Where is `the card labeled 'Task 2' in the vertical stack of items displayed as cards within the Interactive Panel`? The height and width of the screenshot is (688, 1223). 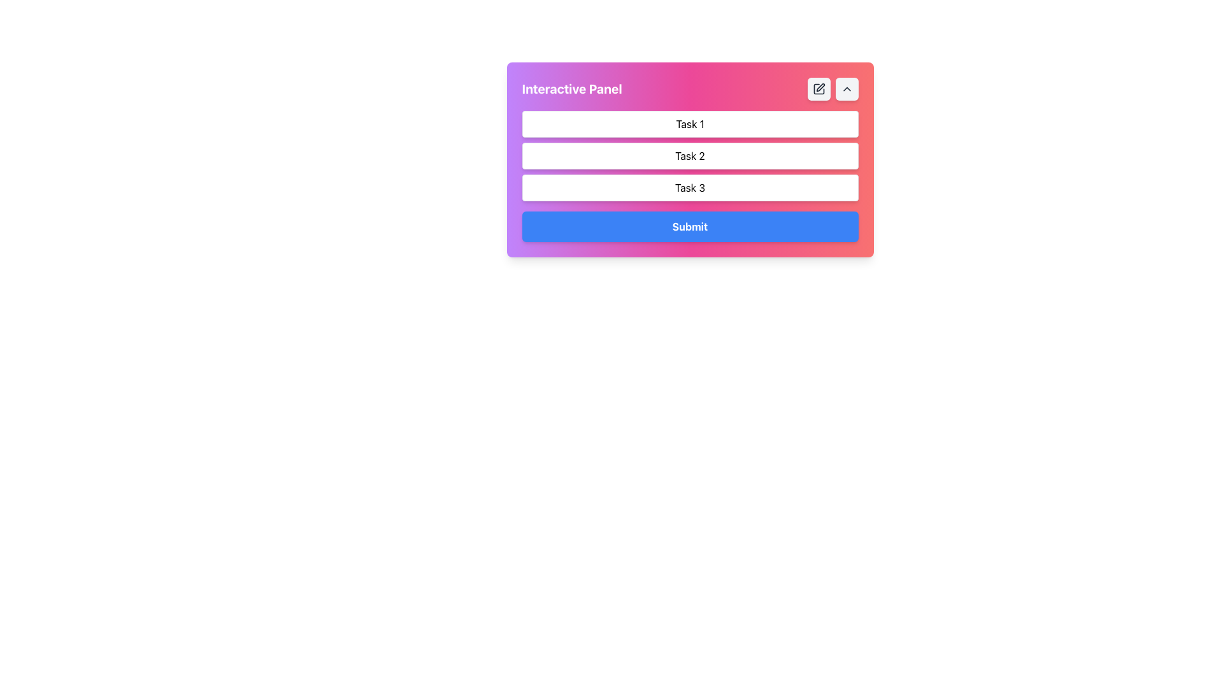 the card labeled 'Task 2' in the vertical stack of items displayed as cards within the Interactive Panel is located at coordinates (689, 155).